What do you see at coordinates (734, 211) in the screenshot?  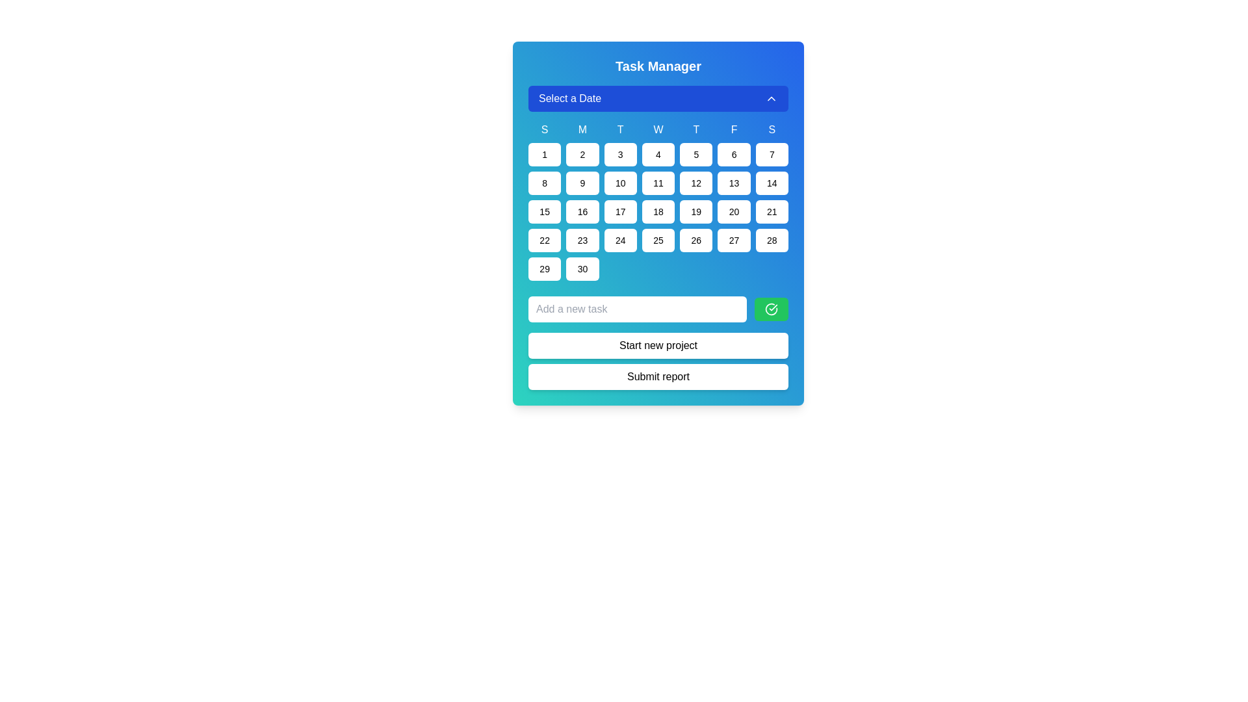 I see `the calendar button representing the day '20', located in the fourth row and sixth column of the calendar grid` at bounding box center [734, 211].